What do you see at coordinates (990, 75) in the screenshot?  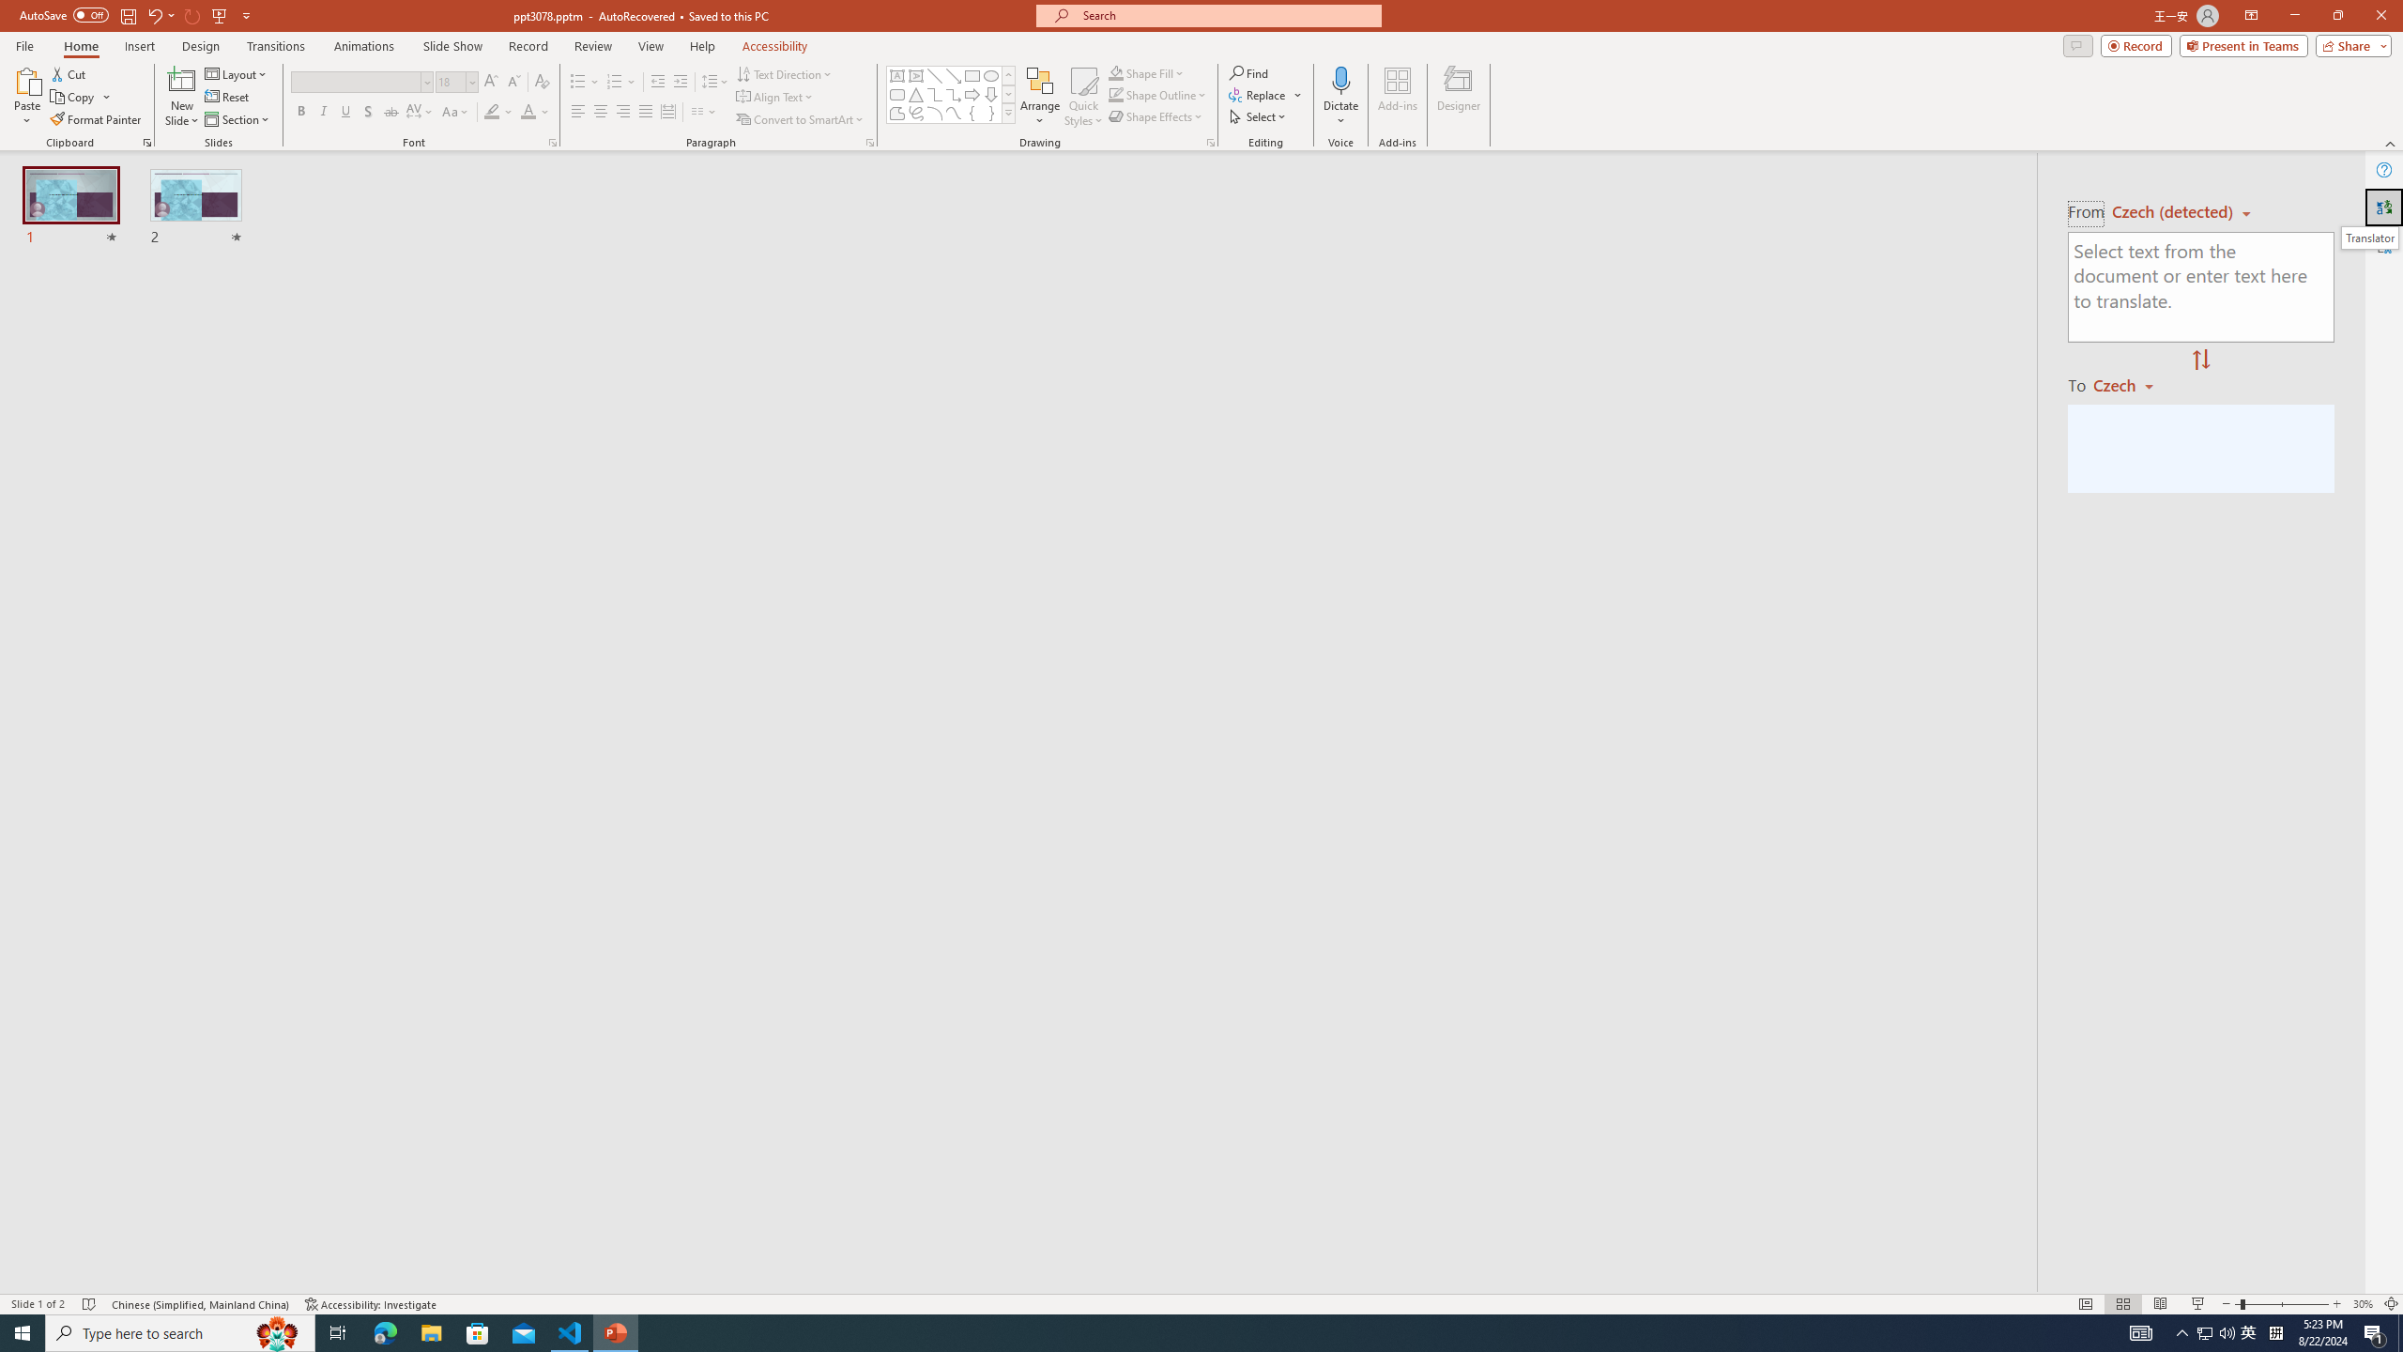 I see `'Oval'` at bounding box center [990, 75].